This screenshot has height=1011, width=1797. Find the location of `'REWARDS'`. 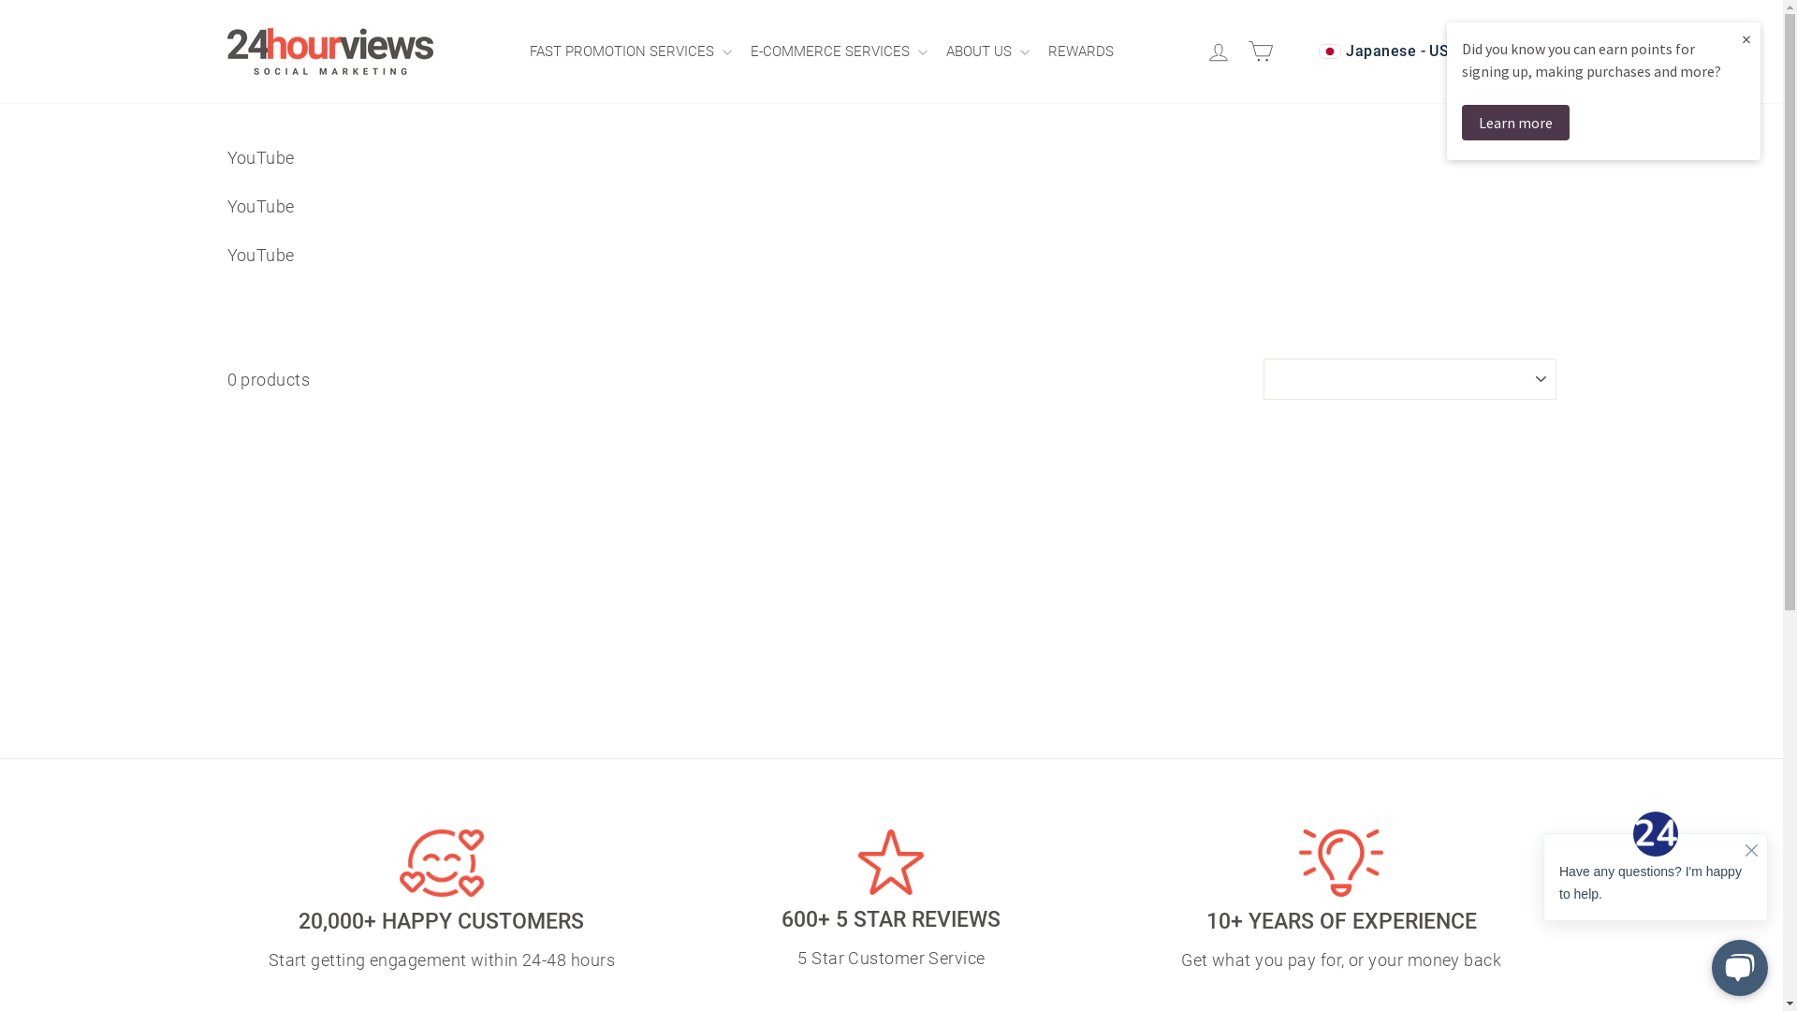

'REWARDS' is located at coordinates (1086, 50).